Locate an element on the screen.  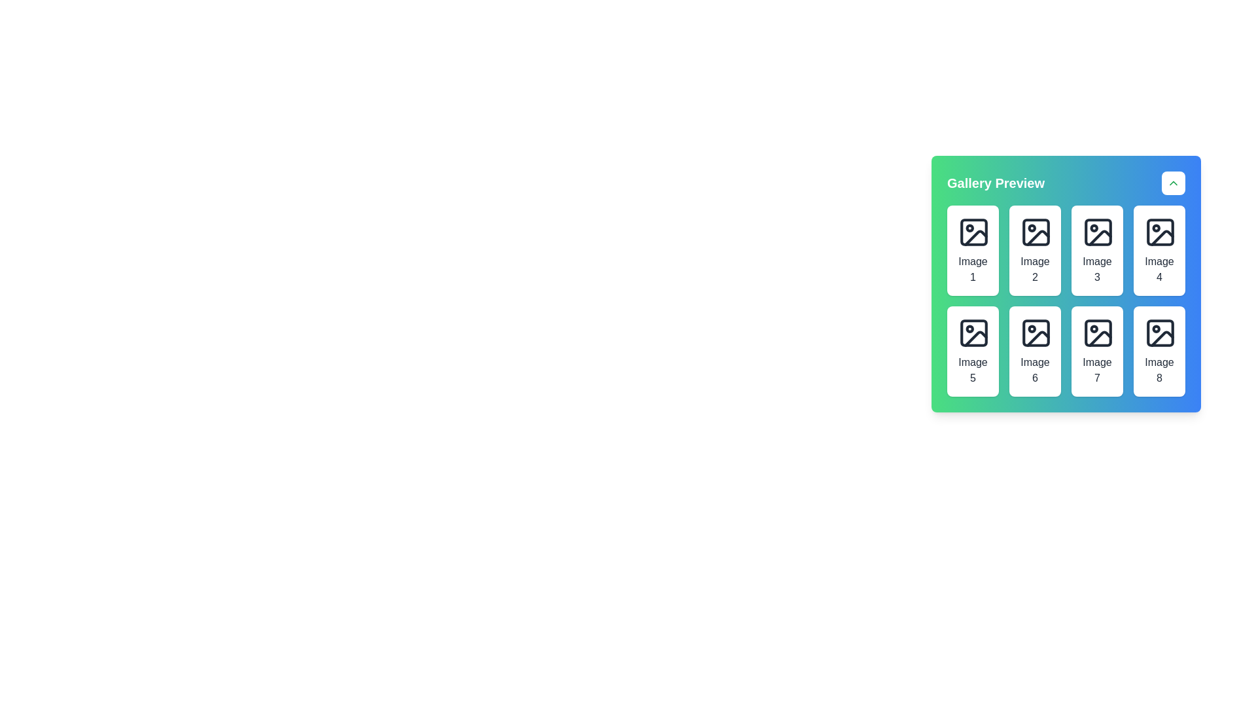
the centered-aligned text component displaying 'Image 2' in the second item of the first row in the gallery preview widget is located at coordinates (1034, 269).